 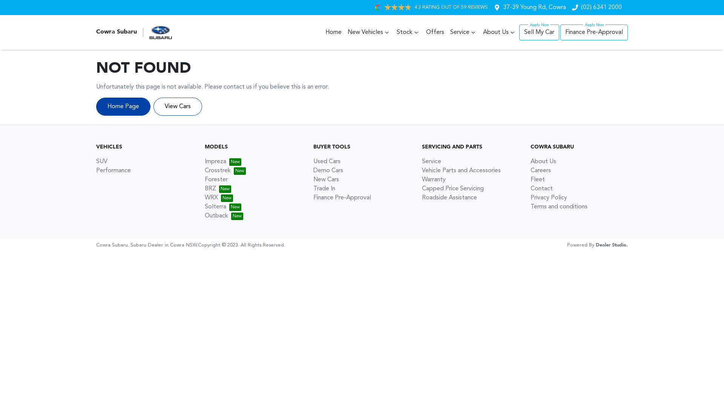 I want to click on 'Service', so click(x=463, y=32).